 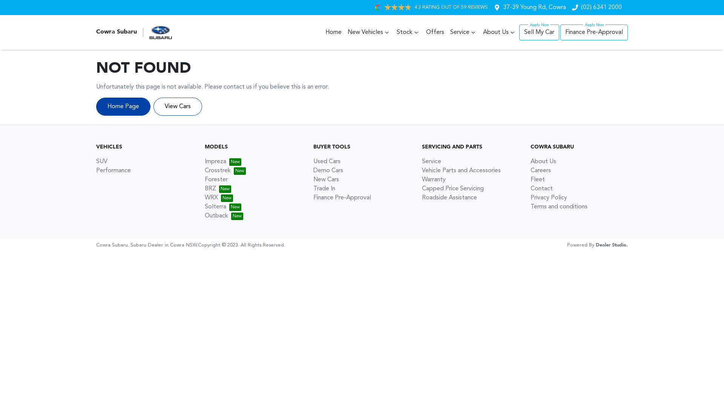 I want to click on 'Service', so click(x=463, y=32).